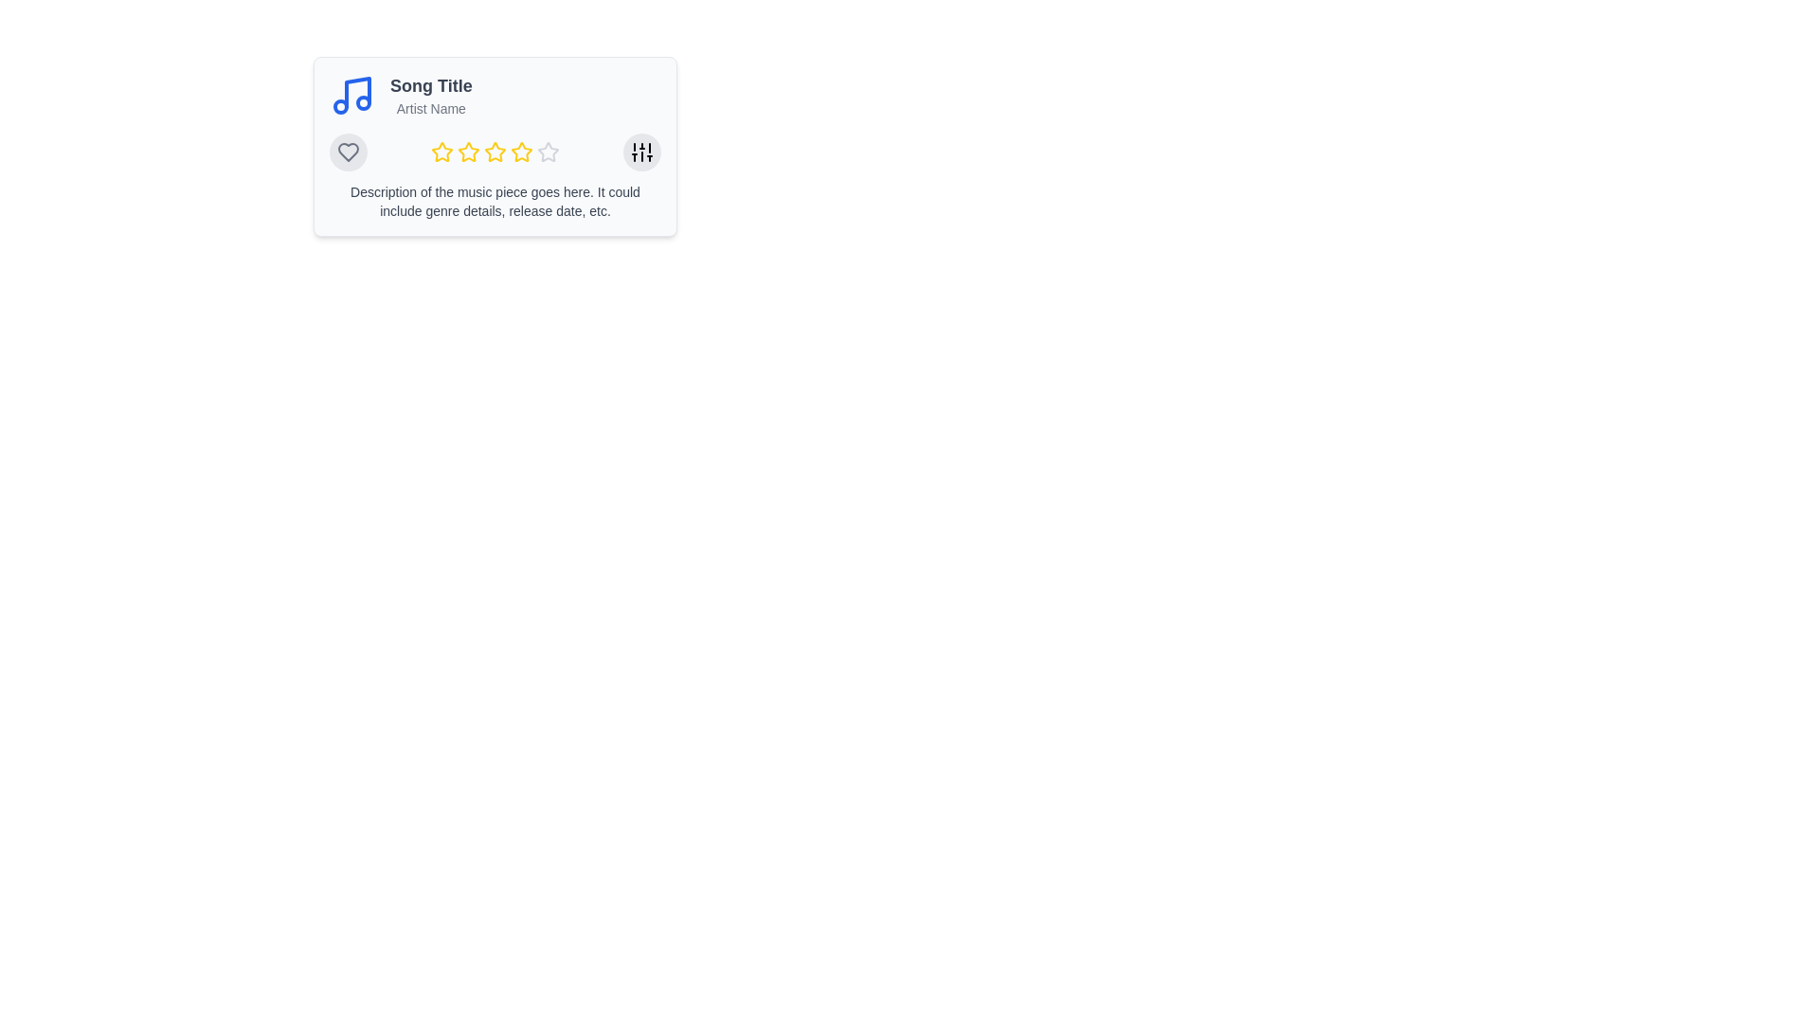 Image resolution: width=1819 pixels, height=1023 pixels. What do you see at coordinates (495, 152) in the screenshot?
I see `the third star in the five-star rating system by tabbing to it` at bounding box center [495, 152].